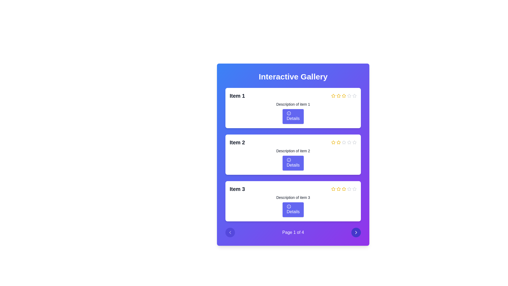  Describe the element at coordinates (344, 142) in the screenshot. I see `the fourth star icon in the rating system for 'Item 2', which is a hollow star with a gray outline indicating an inactive state` at that location.